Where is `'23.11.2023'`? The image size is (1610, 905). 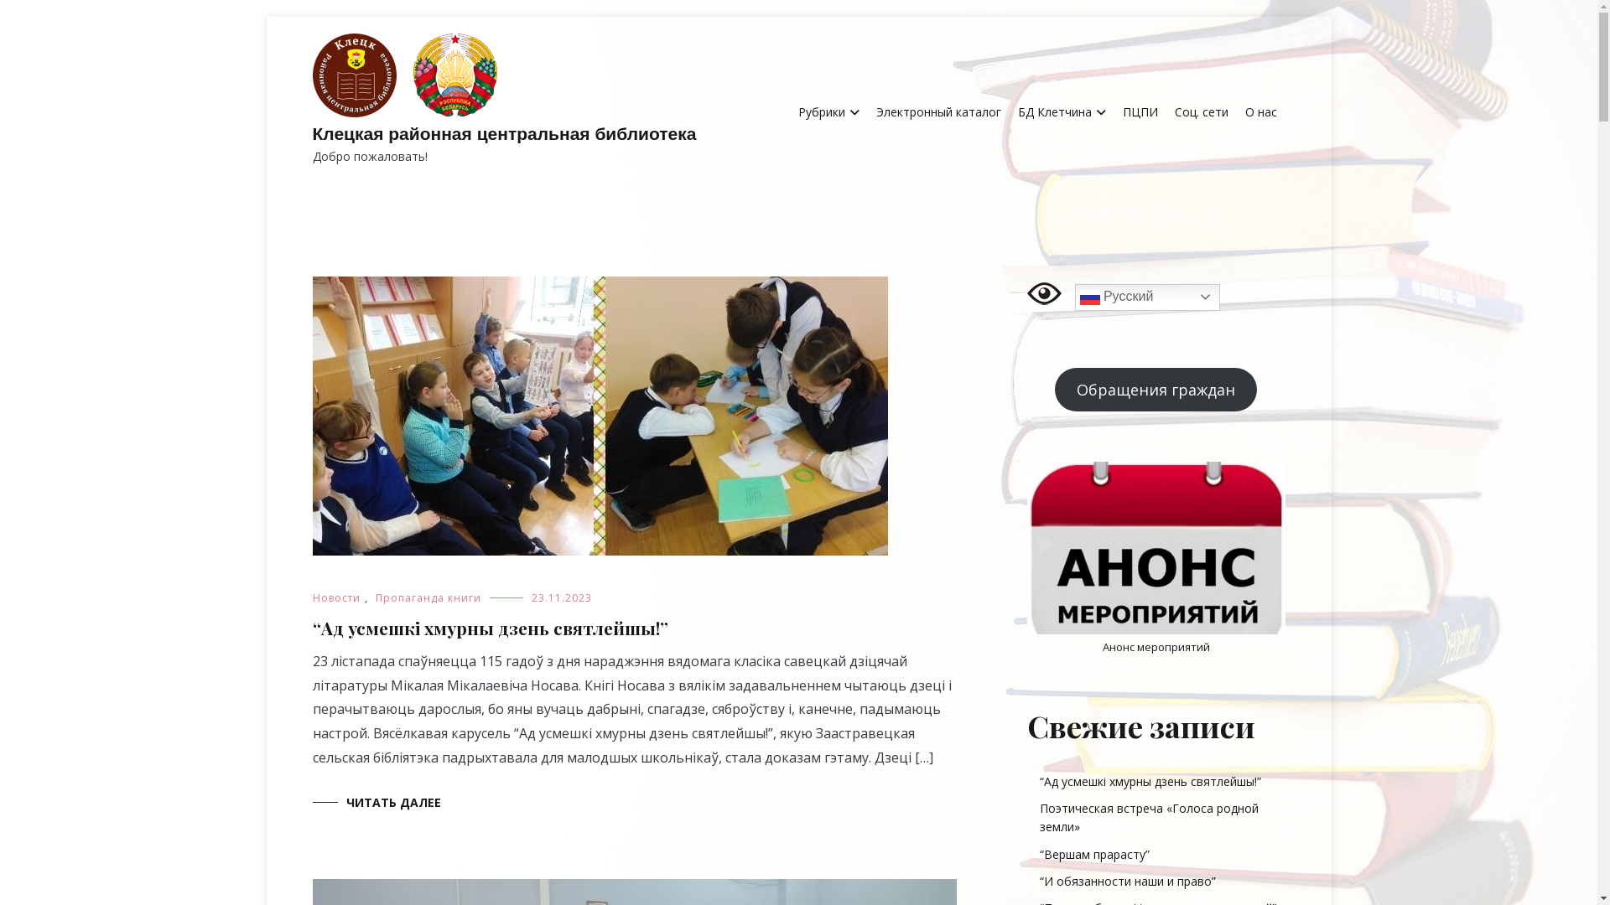 '23.11.2023' is located at coordinates (562, 597).